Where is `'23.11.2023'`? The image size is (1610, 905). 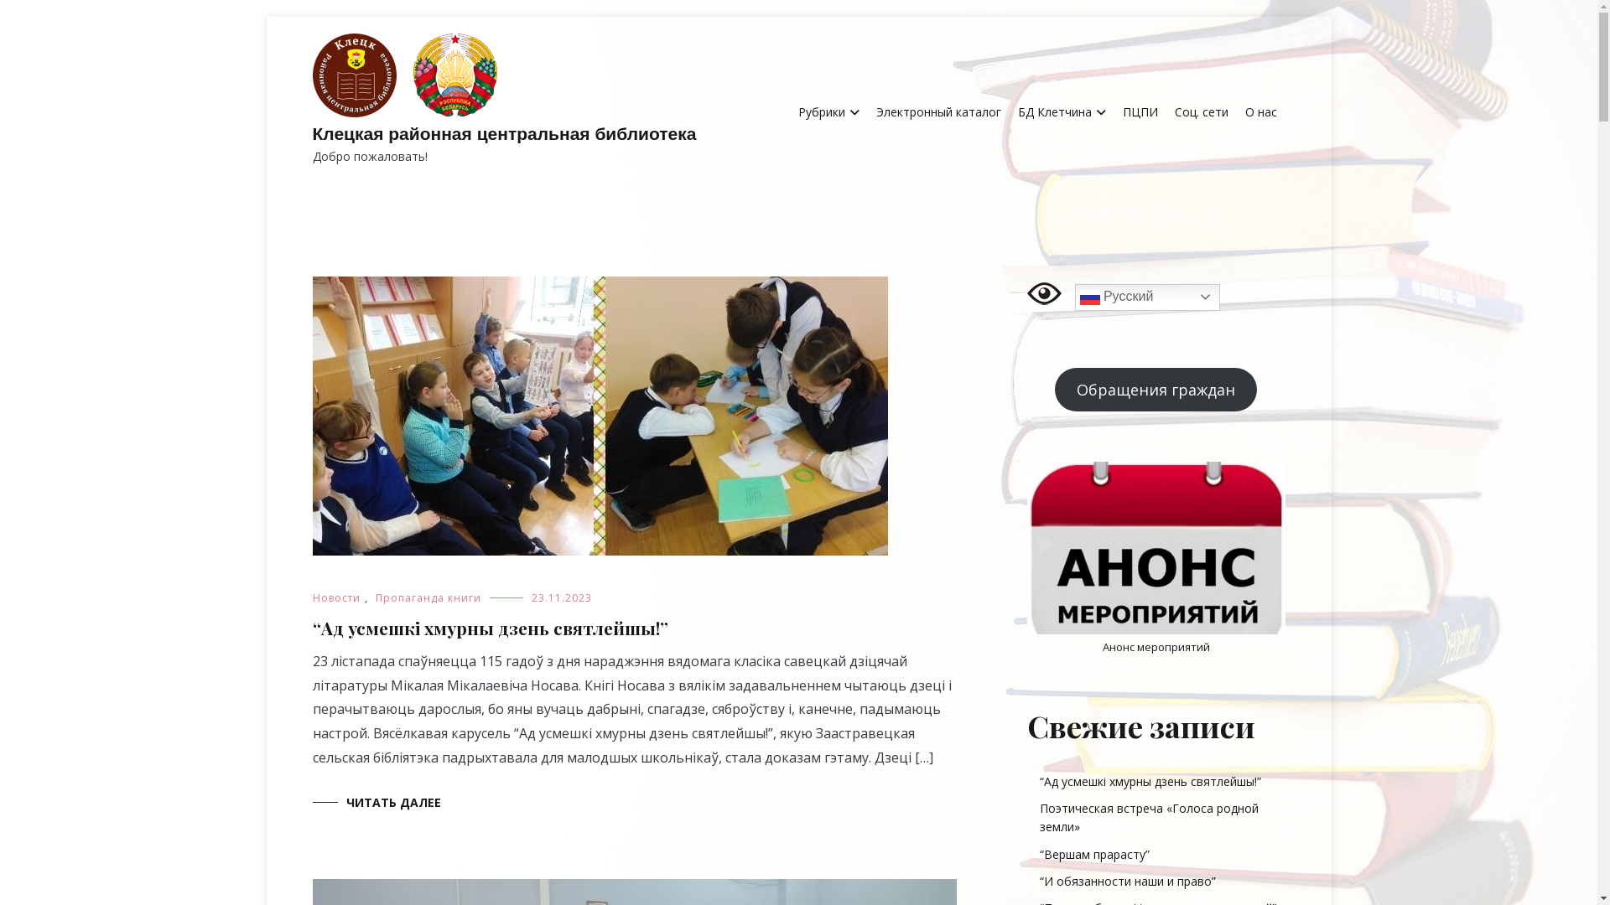 '23.11.2023' is located at coordinates (562, 597).